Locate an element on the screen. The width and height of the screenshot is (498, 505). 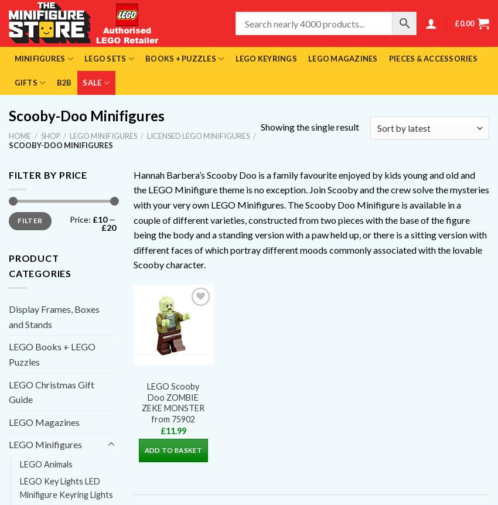
'Filter' is located at coordinates (30, 220).